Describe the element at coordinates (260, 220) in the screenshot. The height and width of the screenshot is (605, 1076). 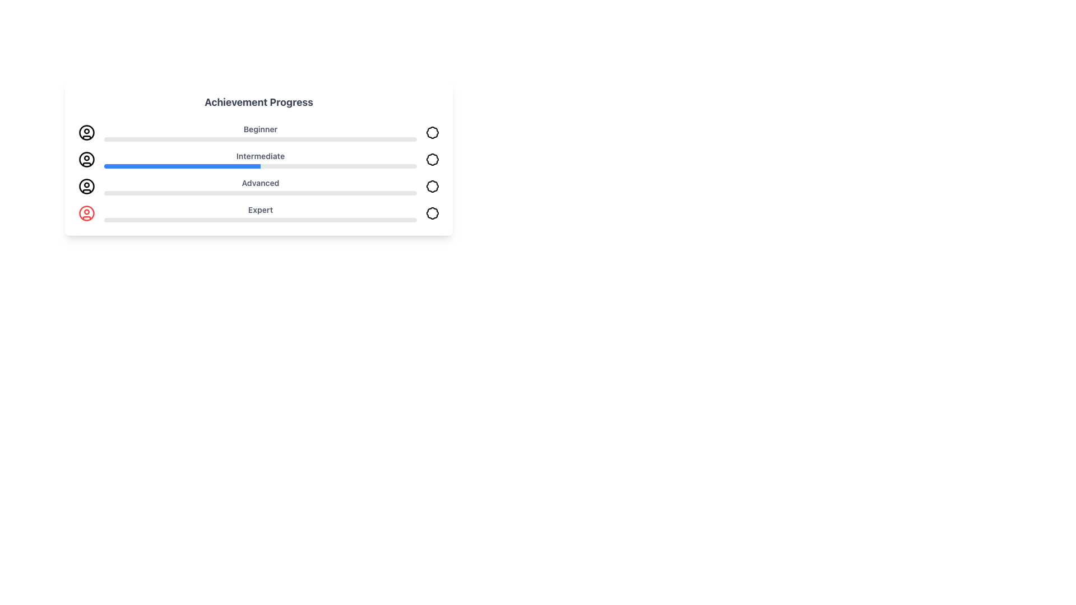
I see `the horizontal progress bar located below the 'Expert' label, which is styled with a gray base and a red-filled section, indicating progress` at that location.